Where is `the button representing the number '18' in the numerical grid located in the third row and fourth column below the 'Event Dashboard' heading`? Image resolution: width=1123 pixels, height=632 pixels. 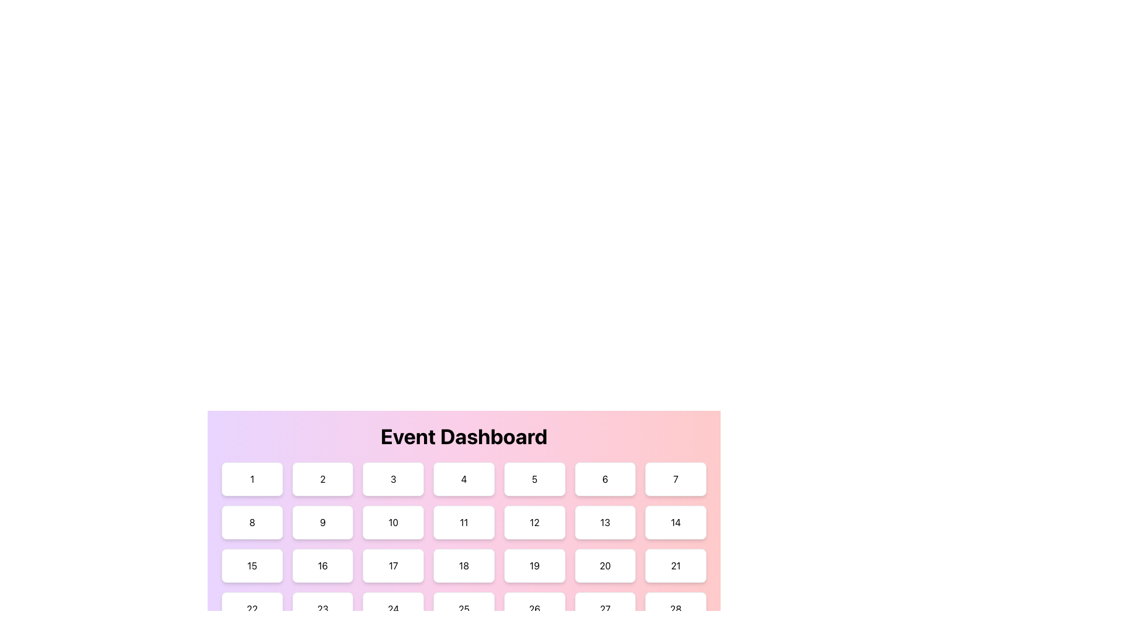 the button representing the number '18' in the numerical grid located in the third row and fourth column below the 'Event Dashboard' heading is located at coordinates (463, 565).